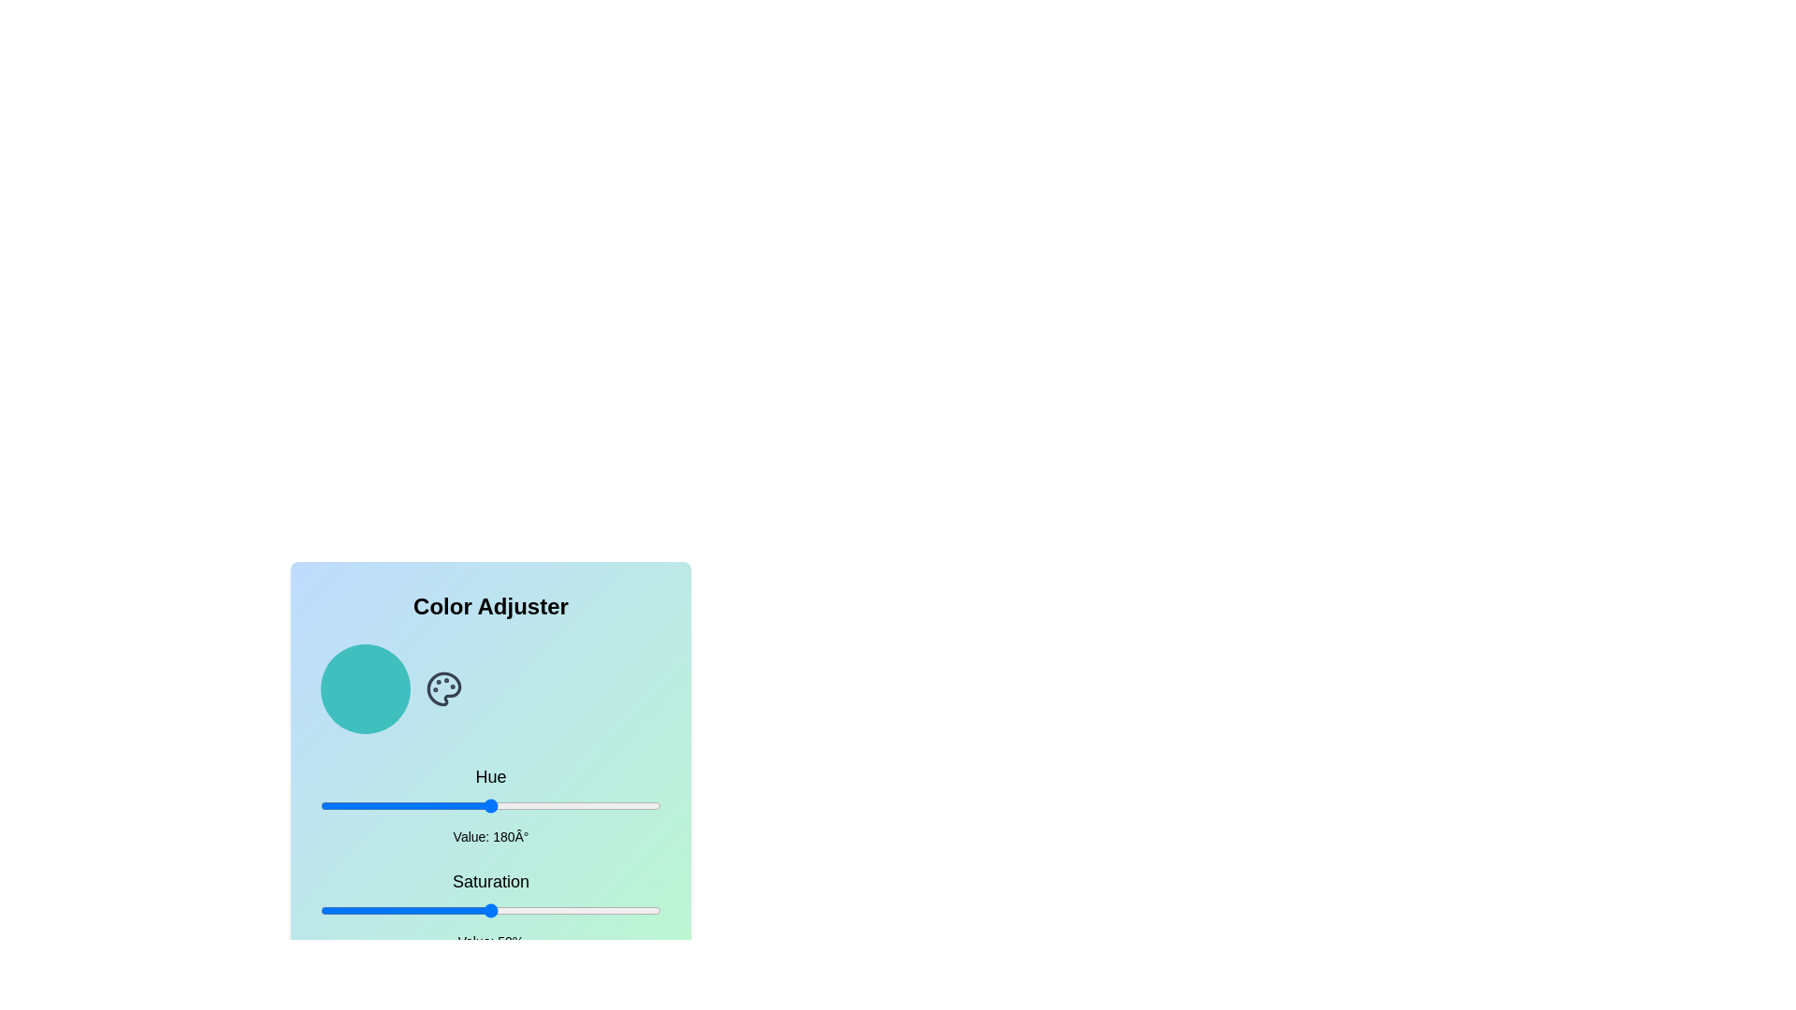 This screenshot has width=1796, height=1010. What do you see at coordinates (339, 804) in the screenshot?
I see `the hue to 19 by adjusting the slider` at bounding box center [339, 804].